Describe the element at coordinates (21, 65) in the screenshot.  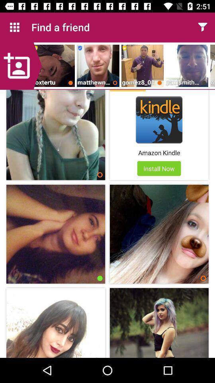
I see `friend` at that location.